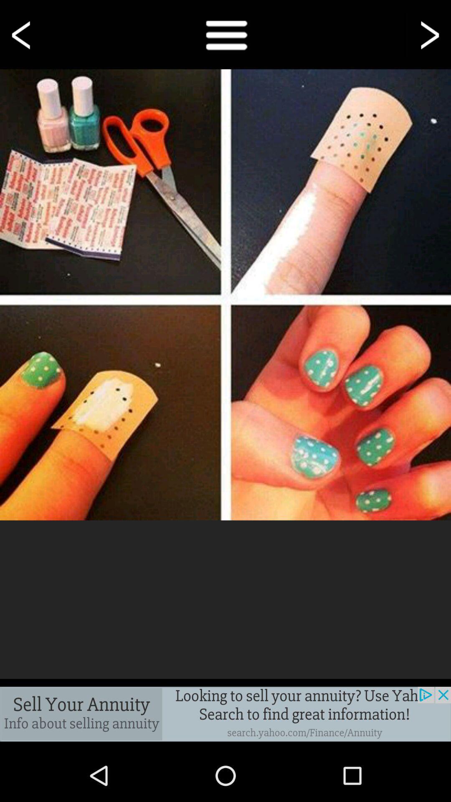  What do you see at coordinates (225, 36) in the screenshot?
I see `the menu icon` at bounding box center [225, 36].